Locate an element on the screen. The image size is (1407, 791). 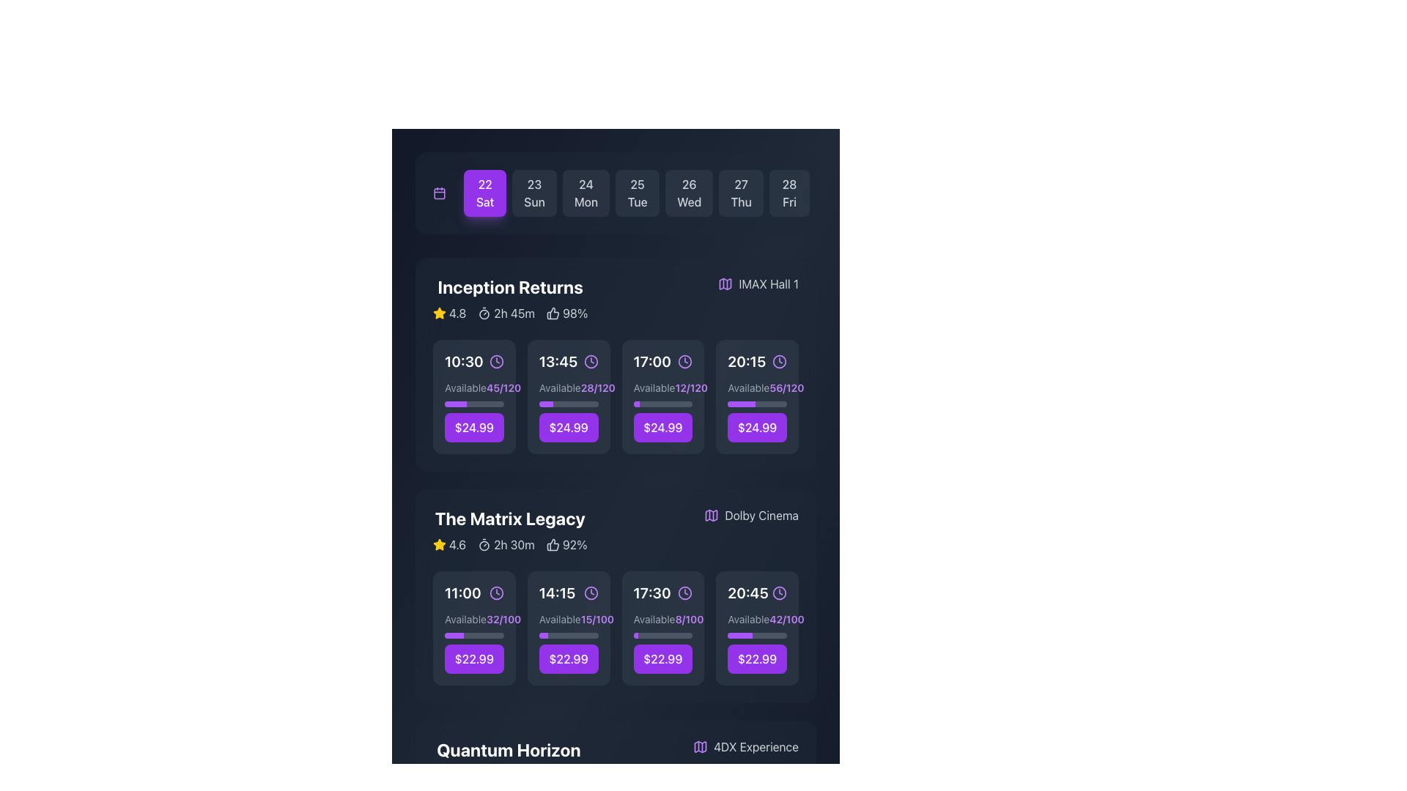
the text label displaying the average user rating for the movie 'The Matrix Legacy', which is located in the second movie entry adjacent to a yellow star icon is located at coordinates (457, 545).